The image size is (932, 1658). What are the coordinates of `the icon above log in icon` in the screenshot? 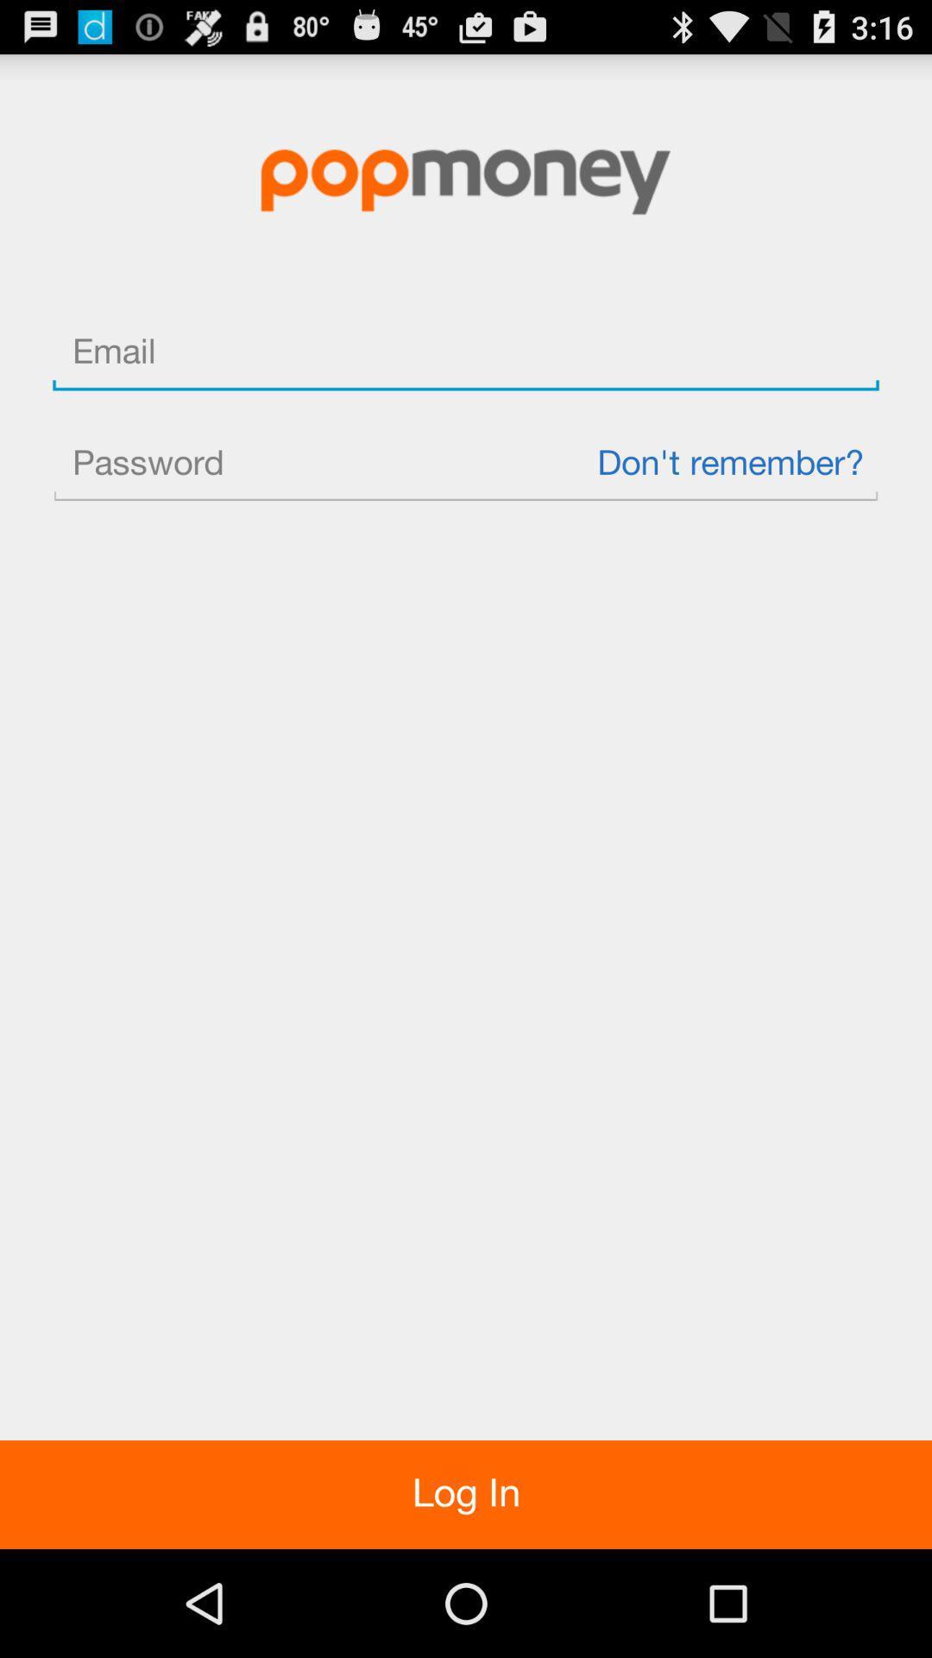 It's located at (466, 465).